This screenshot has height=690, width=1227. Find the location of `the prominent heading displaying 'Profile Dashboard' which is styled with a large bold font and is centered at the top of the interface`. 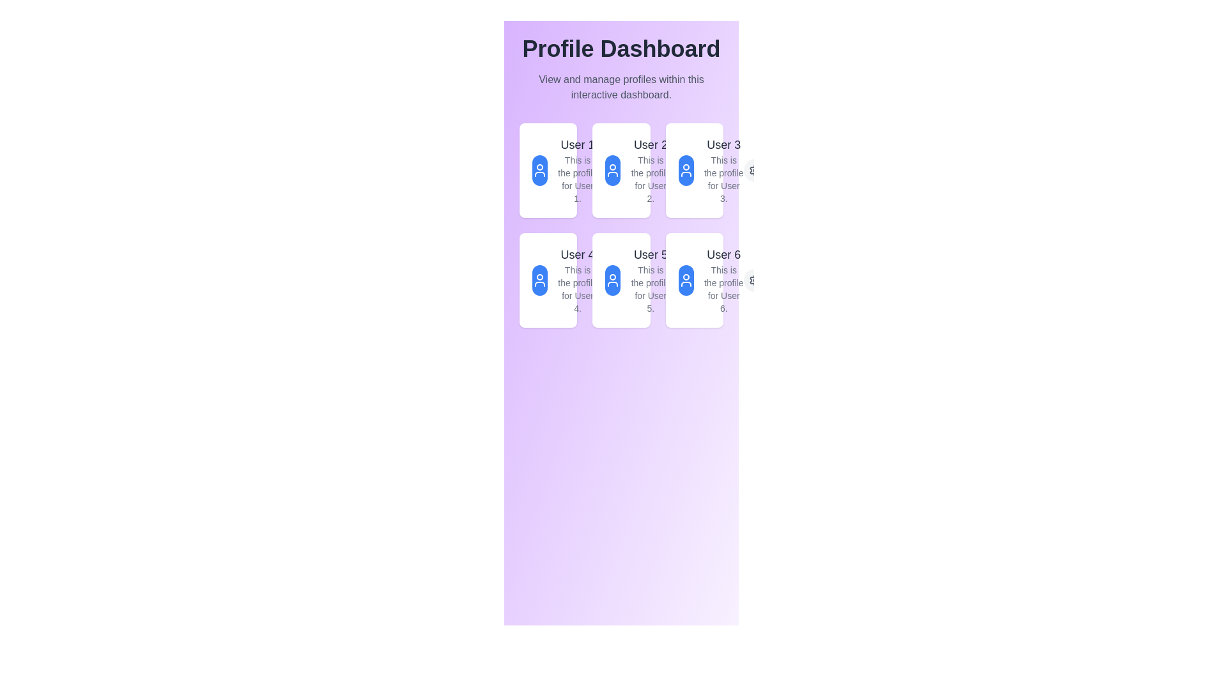

the prominent heading displaying 'Profile Dashboard' which is styled with a large bold font and is centered at the top of the interface is located at coordinates (621, 49).